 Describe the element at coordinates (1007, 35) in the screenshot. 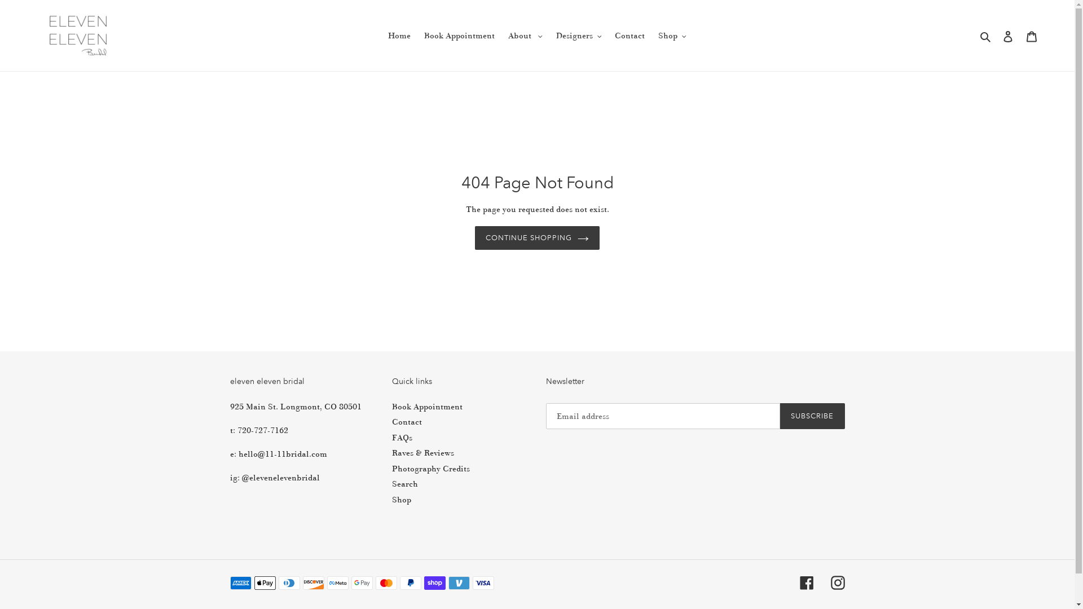

I see `'Log in'` at that location.